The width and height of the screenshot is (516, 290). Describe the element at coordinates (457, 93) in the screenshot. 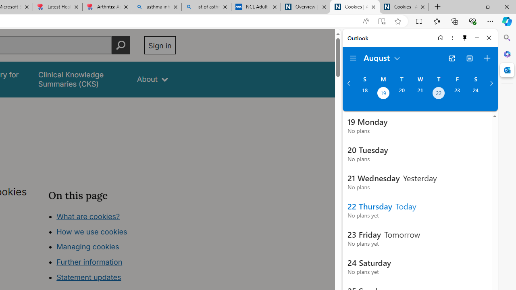

I see `'Friday, August 23, 2024. '` at that location.